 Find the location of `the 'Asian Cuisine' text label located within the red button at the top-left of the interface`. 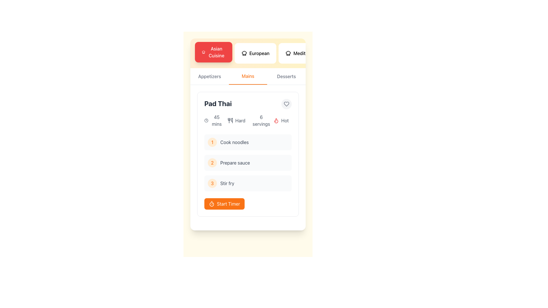

the 'Asian Cuisine' text label located within the red button at the top-left of the interface is located at coordinates (216, 52).